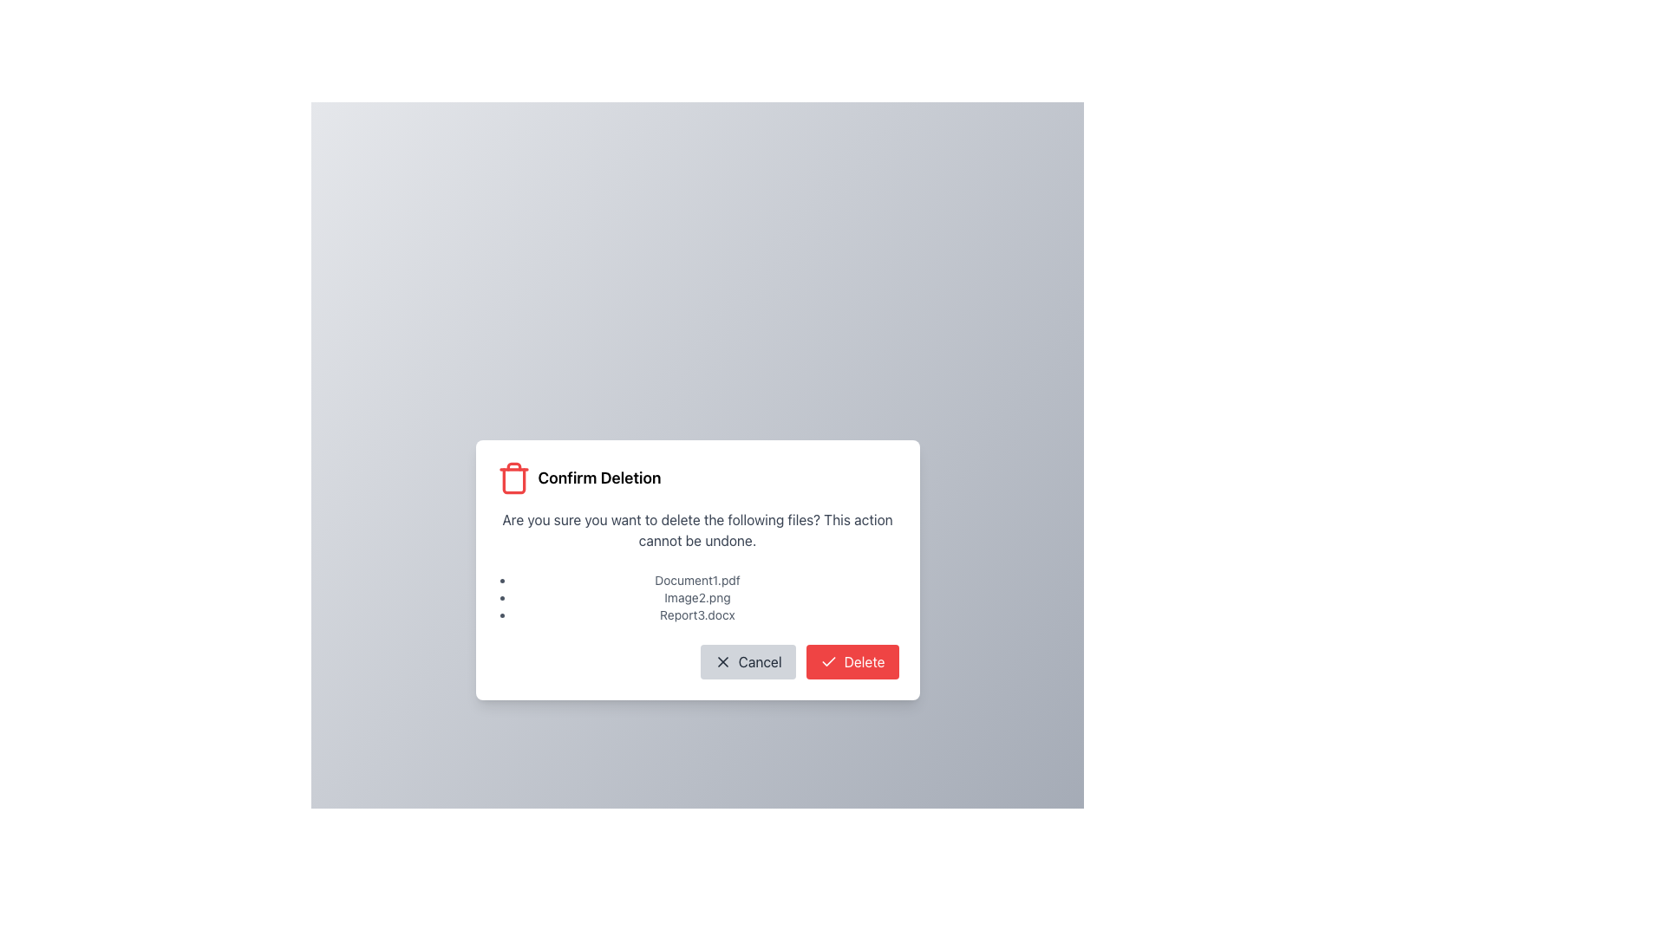 The image size is (1665, 936). What do you see at coordinates (697, 614) in the screenshot?
I see `the static text label 'Report3.docx' in the confirmation dialog titled 'Confirm Deletion'` at bounding box center [697, 614].